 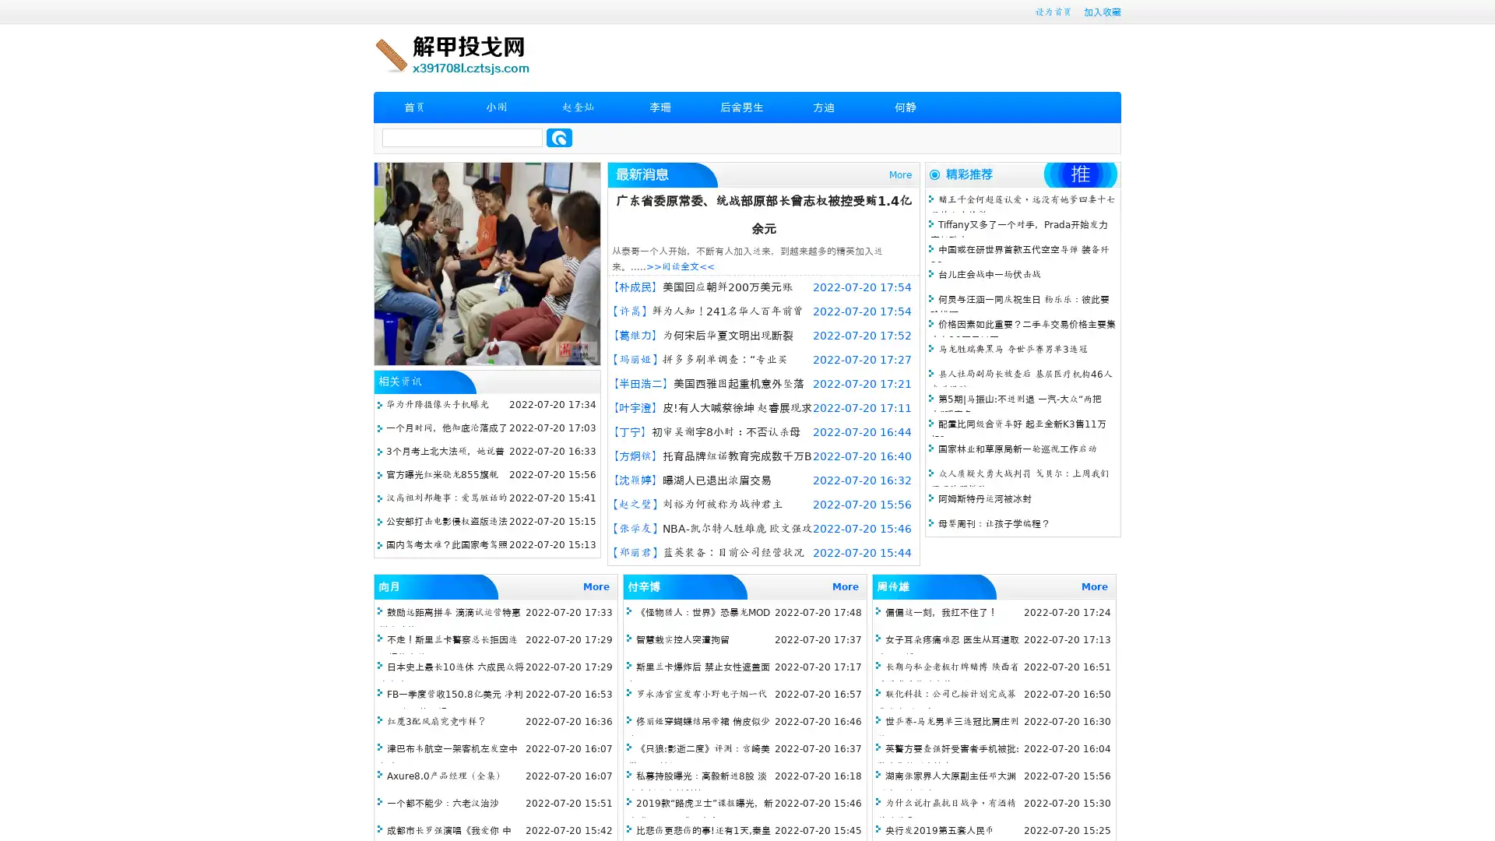 What do you see at coordinates (559, 137) in the screenshot?
I see `Search` at bounding box center [559, 137].